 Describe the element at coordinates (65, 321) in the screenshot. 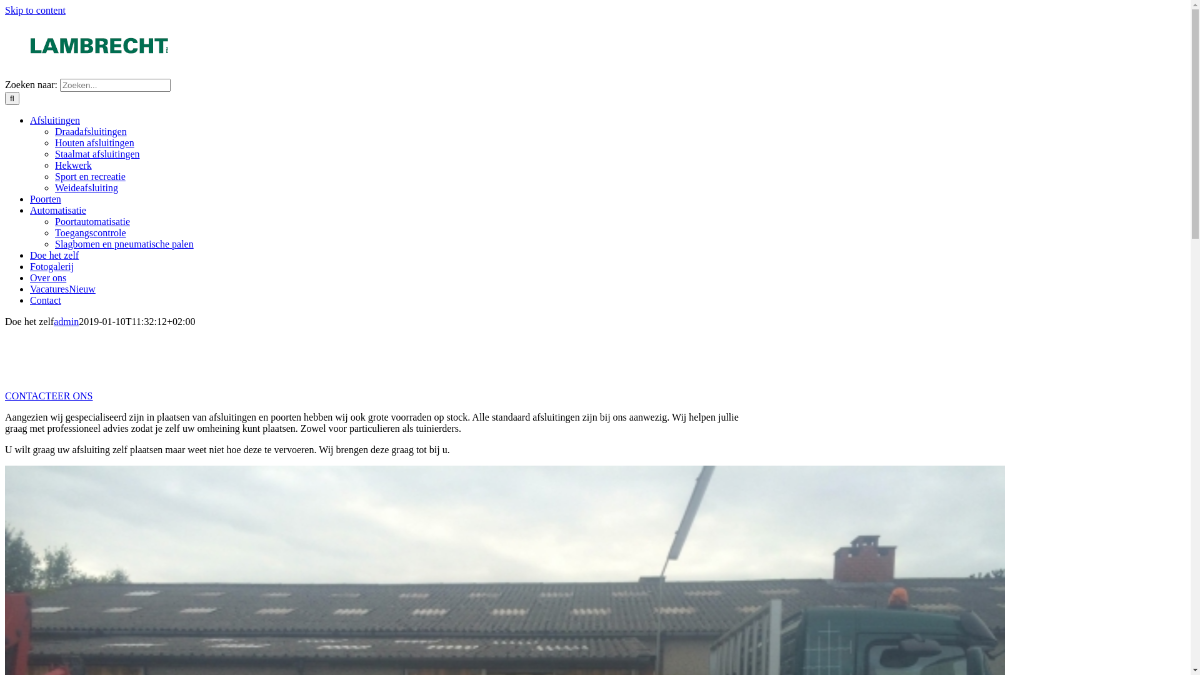

I see `'admin'` at that location.